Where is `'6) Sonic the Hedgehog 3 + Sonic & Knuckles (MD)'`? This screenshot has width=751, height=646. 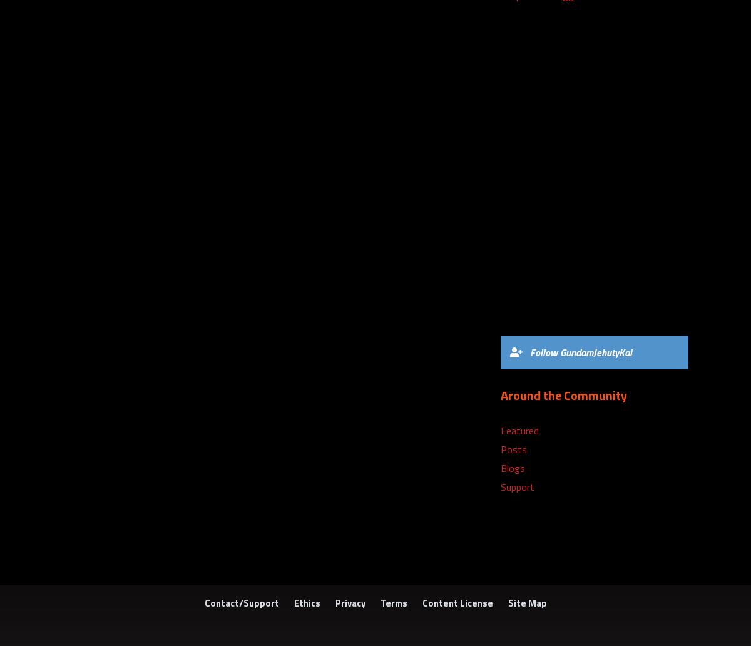 '6) Sonic the Hedgehog 3 + Sonic & Knuckles (MD)' is located at coordinates (581, 172).